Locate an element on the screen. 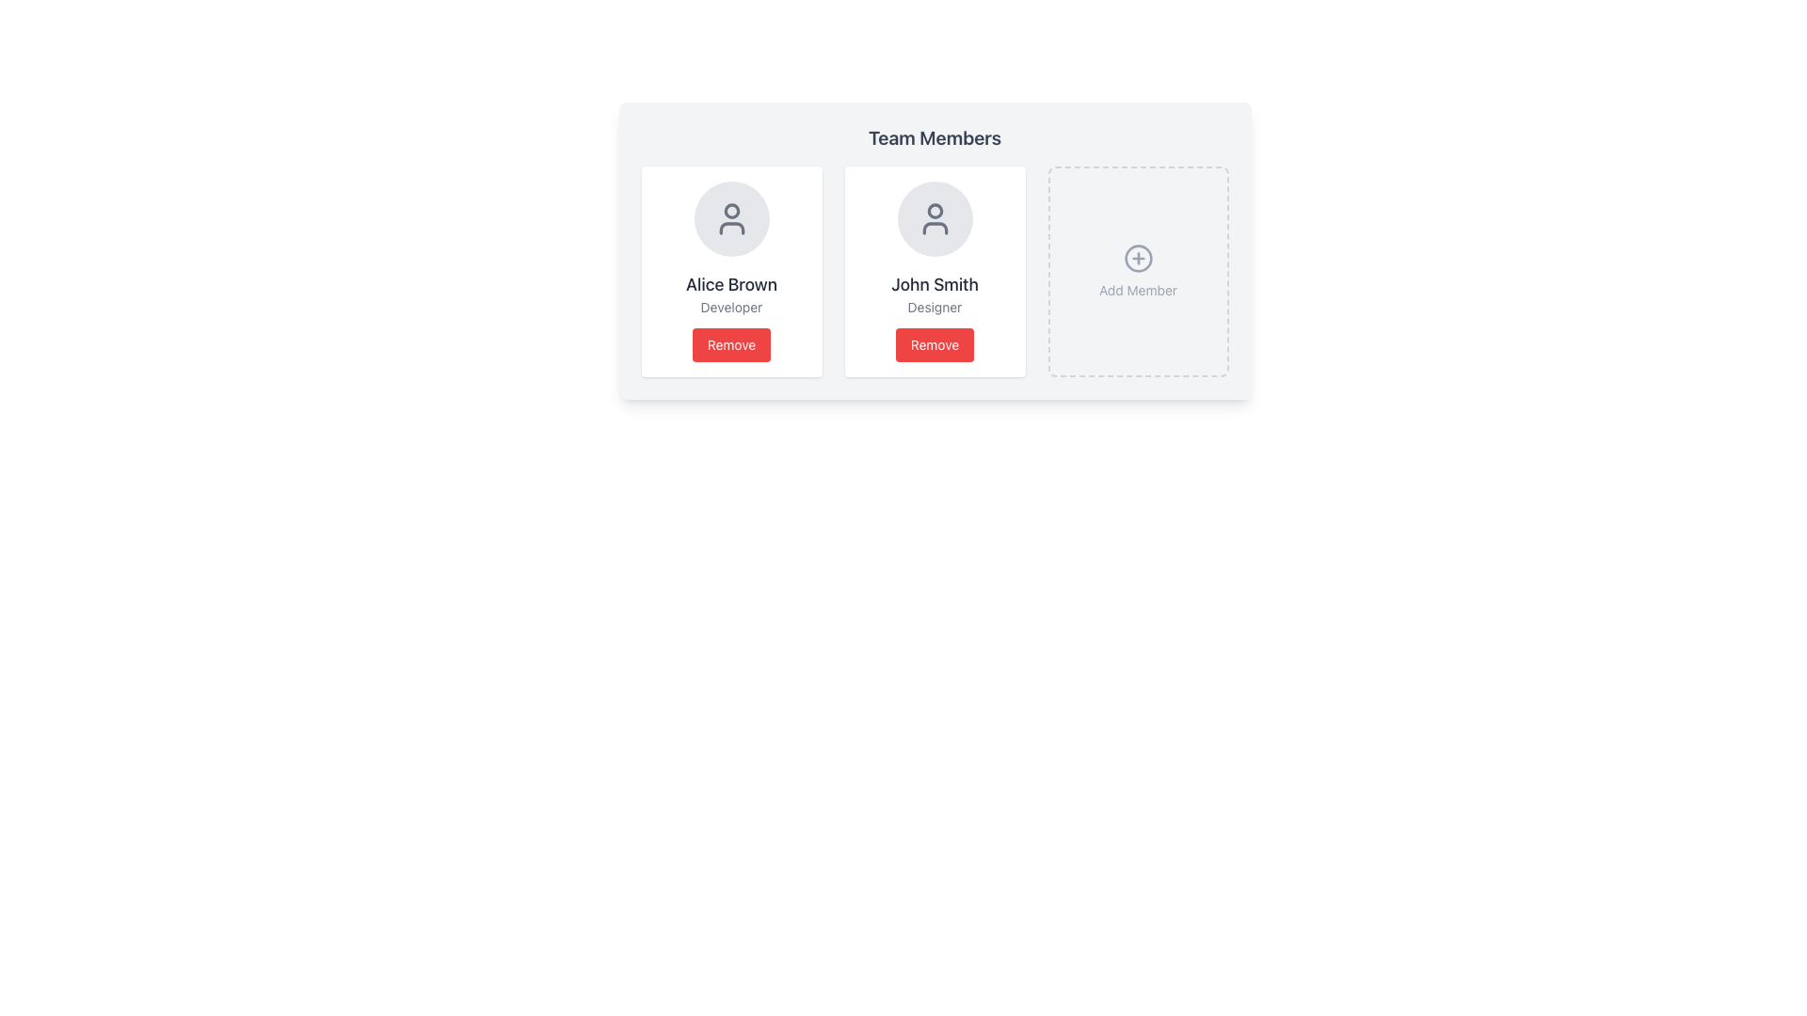  the circular user avatar icon located above the text 'Alice Brown' and 'Developer' in the leftmost user card of the 'Team Members' section is located at coordinates (730, 211).